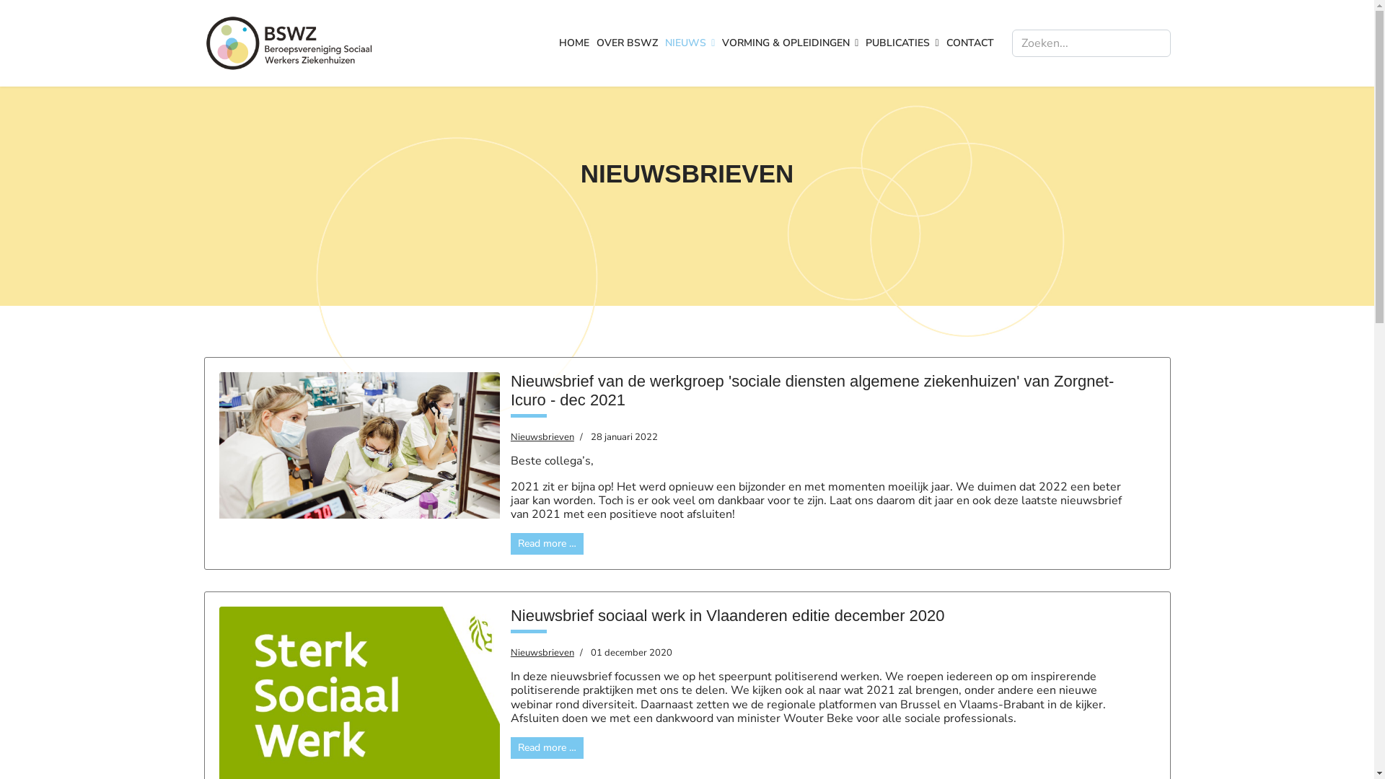  What do you see at coordinates (967, 43) in the screenshot?
I see `'CONTACT'` at bounding box center [967, 43].